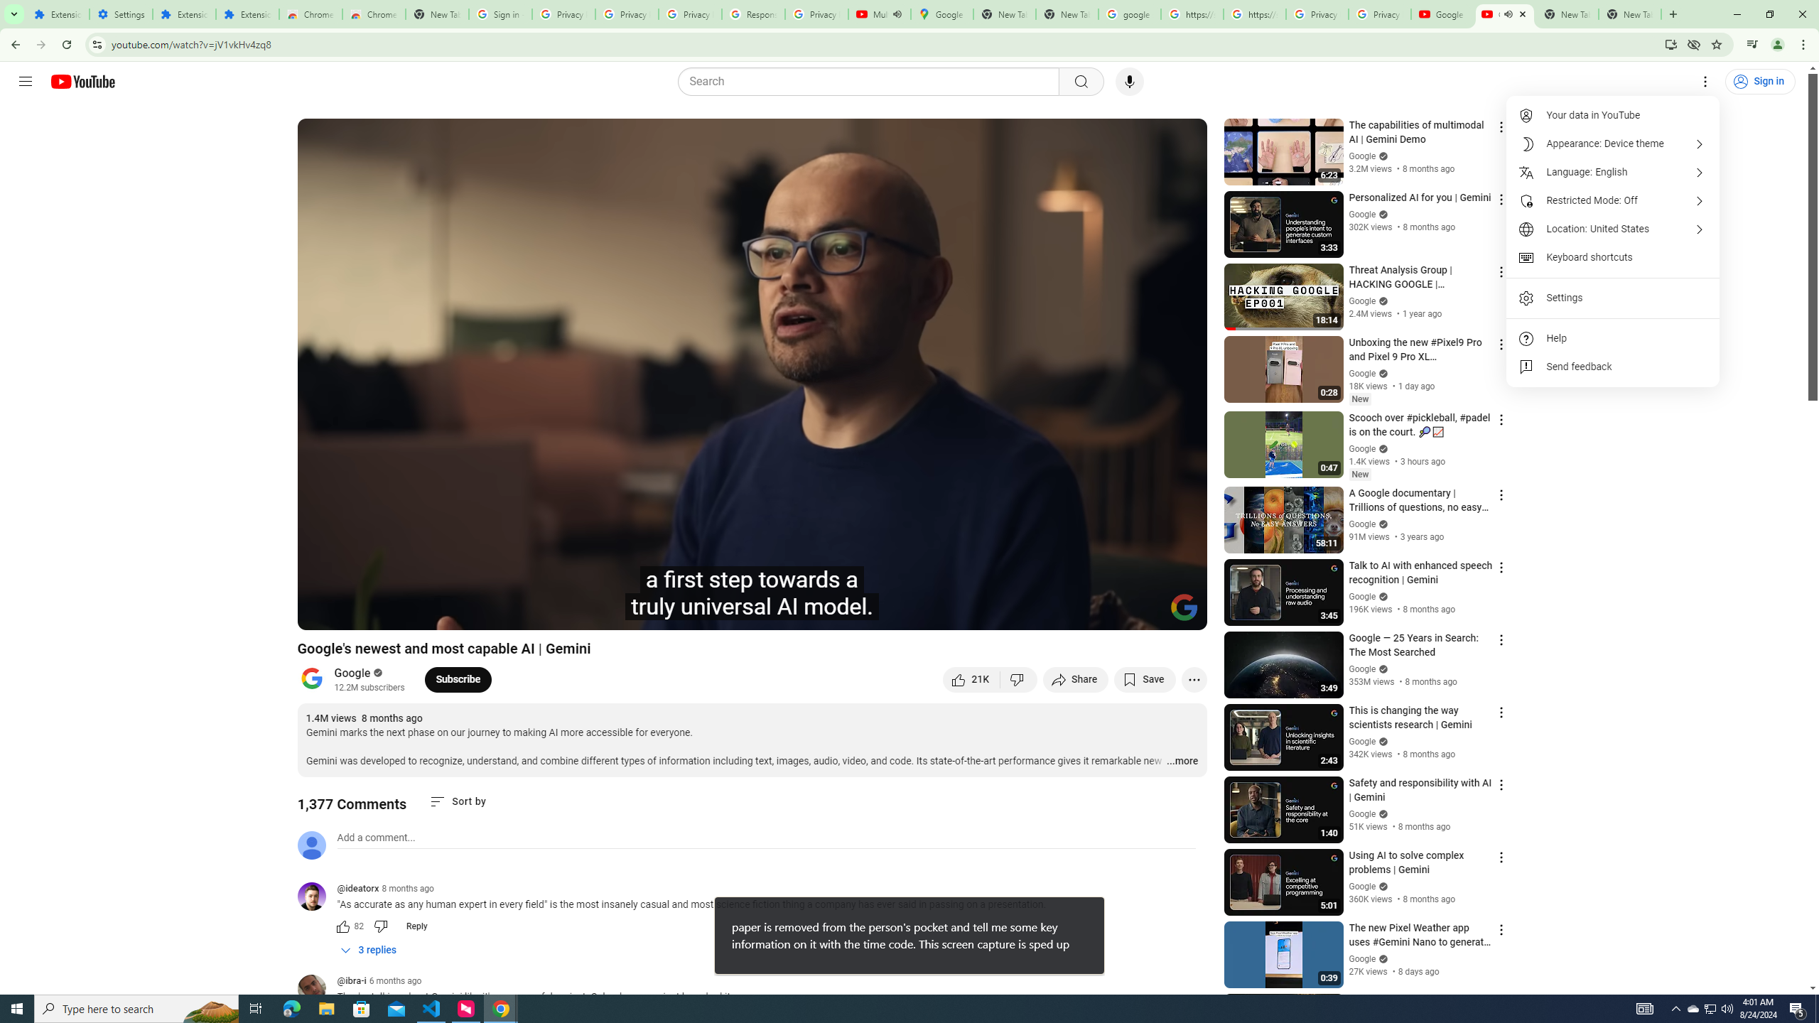 This screenshot has width=1819, height=1023. Describe the element at coordinates (1613, 200) in the screenshot. I see `'Restricted Mode: Off'` at that location.